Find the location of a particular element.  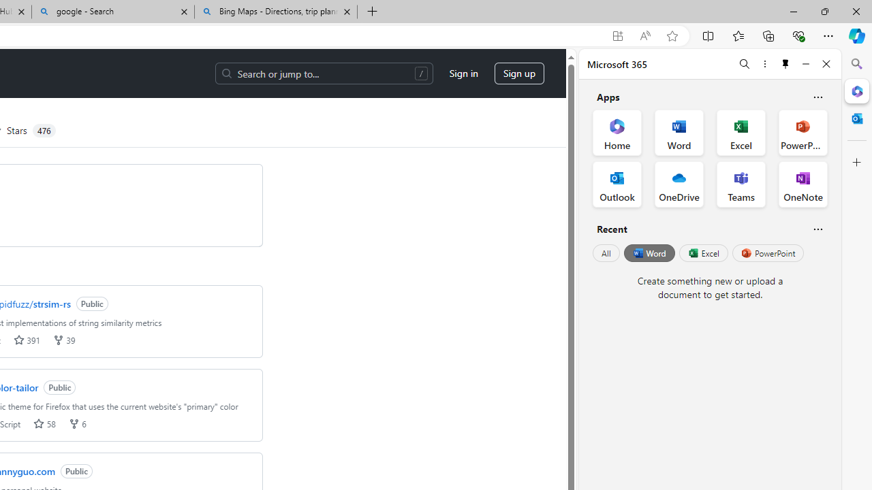

'forks 6' is located at coordinates (76, 423).